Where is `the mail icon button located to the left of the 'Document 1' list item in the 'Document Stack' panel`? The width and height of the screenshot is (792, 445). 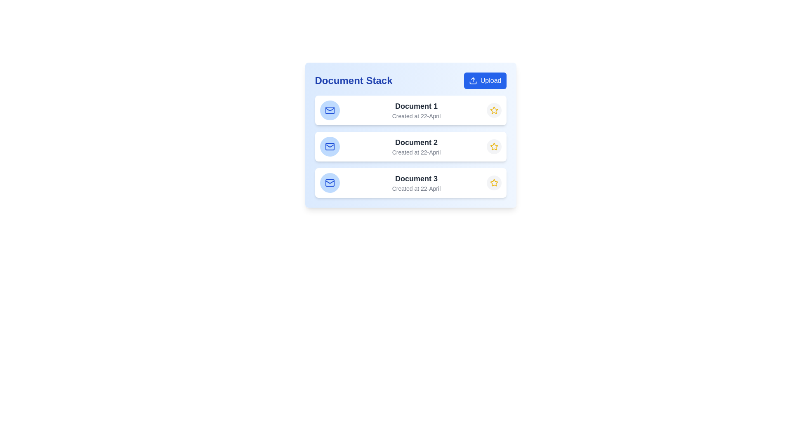
the mail icon button located to the left of the 'Document 1' list item in the 'Document Stack' panel is located at coordinates (329, 110).